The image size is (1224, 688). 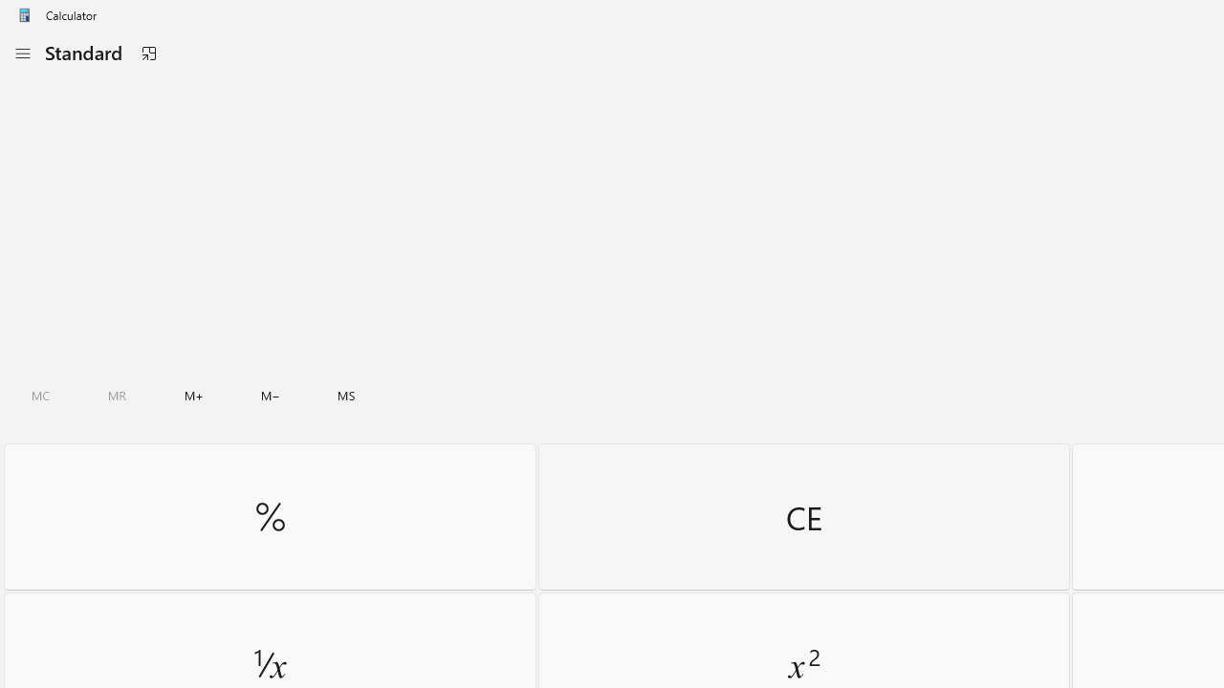 What do you see at coordinates (270, 395) in the screenshot?
I see `'Memory subtract'` at bounding box center [270, 395].